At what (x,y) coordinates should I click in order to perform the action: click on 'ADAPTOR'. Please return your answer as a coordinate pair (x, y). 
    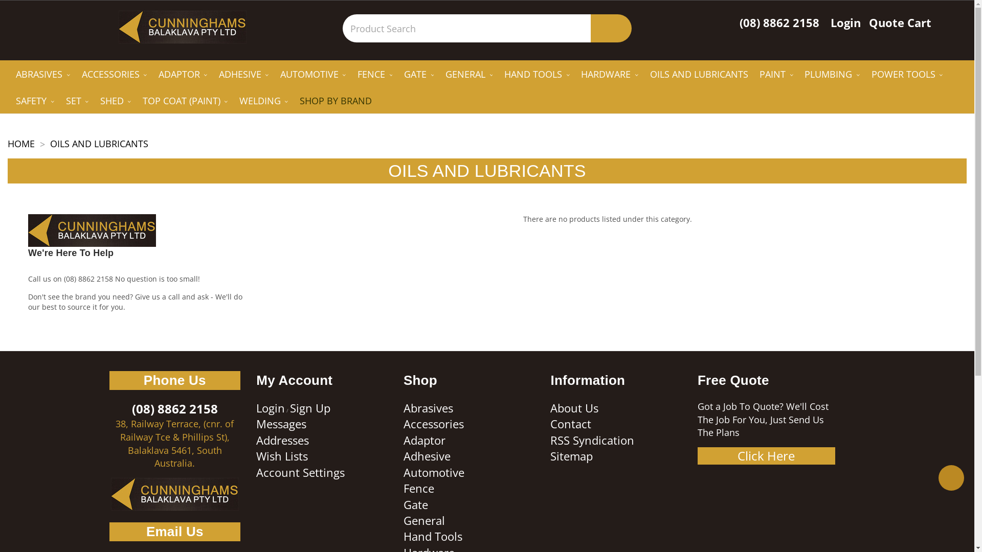
    Looking at the image, I should click on (182, 75).